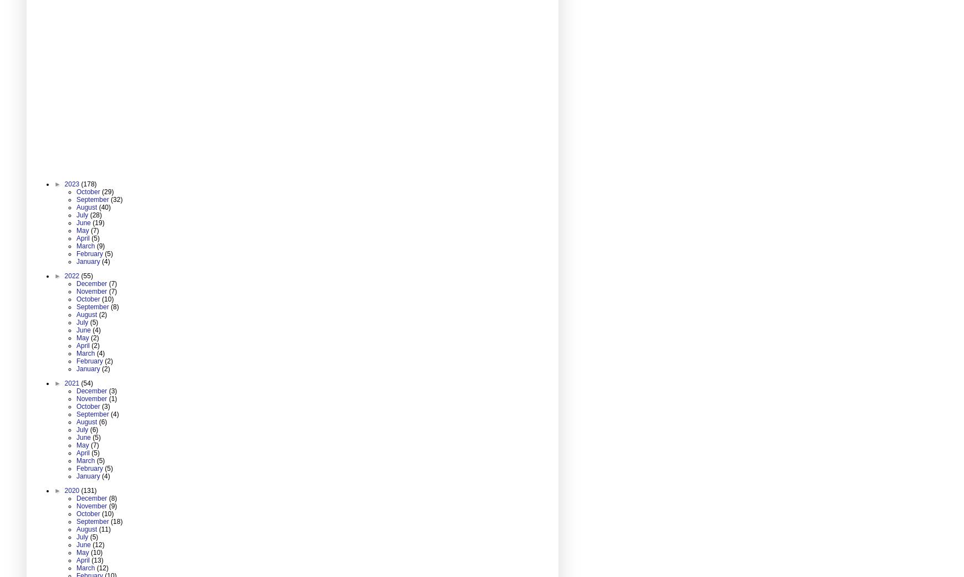  What do you see at coordinates (104, 207) in the screenshot?
I see `'(40)'` at bounding box center [104, 207].